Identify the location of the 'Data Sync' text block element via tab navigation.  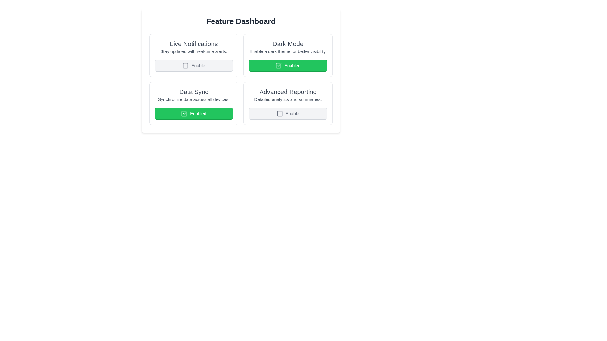
(193, 95).